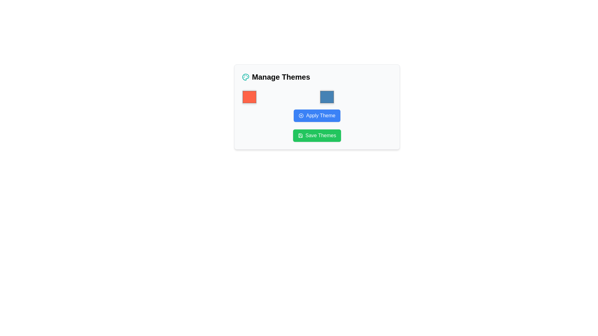 This screenshot has height=336, width=598. I want to click on the circular icon located at the top-left corner of the blue 'Apply Theme' button, so click(301, 115).